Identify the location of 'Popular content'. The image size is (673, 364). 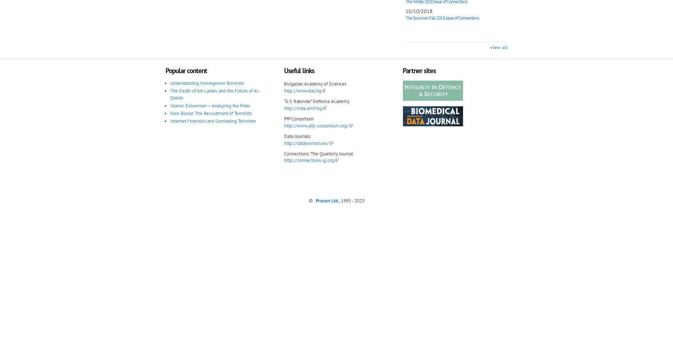
(186, 70).